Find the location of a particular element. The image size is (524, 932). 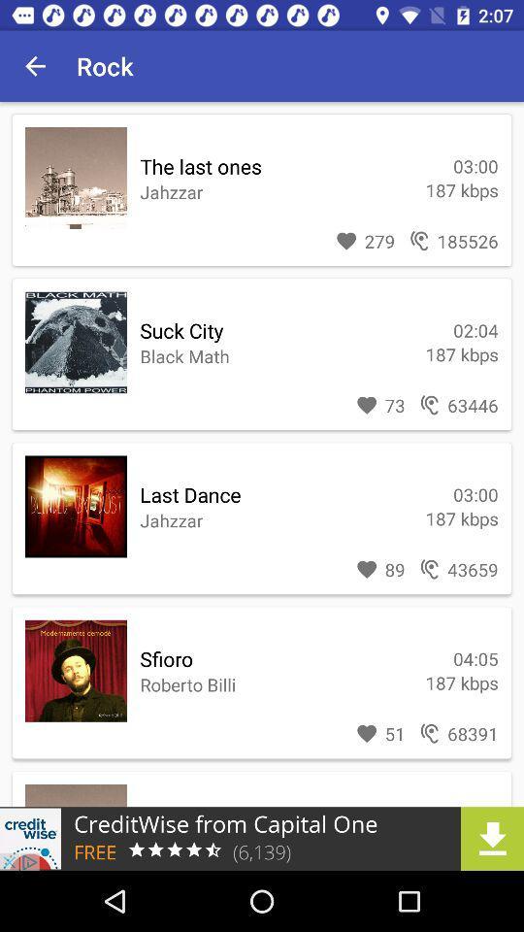

advertisement is located at coordinates (262, 838).